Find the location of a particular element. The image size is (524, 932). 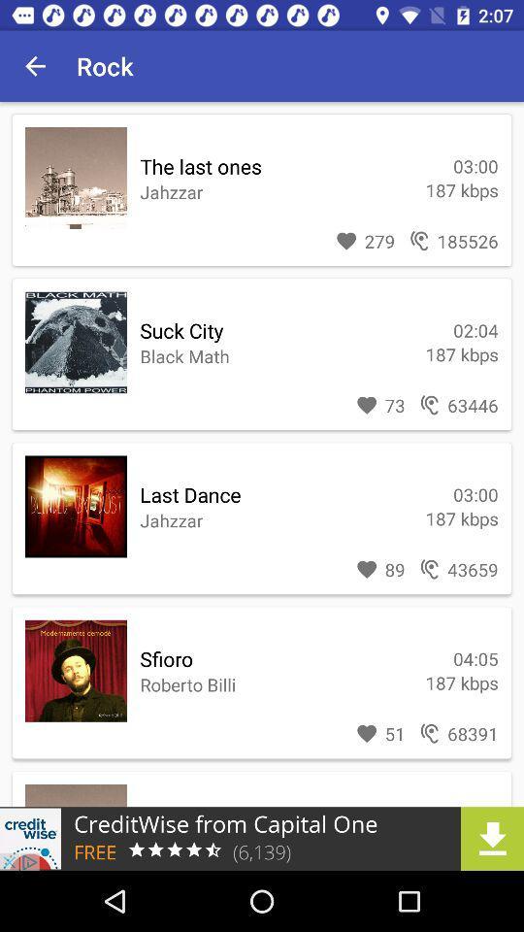

advertisement is located at coordinates (262, 838).